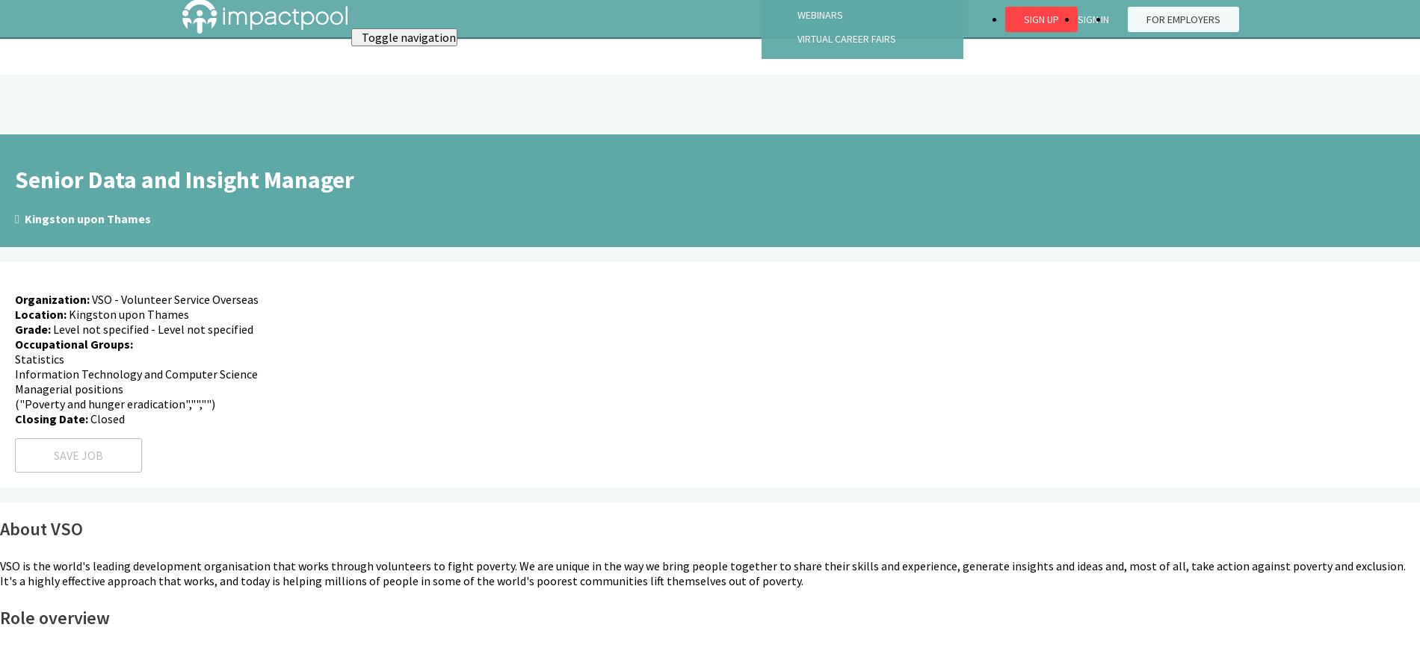 The width and height of the screenshot is (1420, 645). What do you see at coordinates (19, 48) in the screenshot?
I see `'Emergency Programming Coordinator'` at bounding box center [19, 48].